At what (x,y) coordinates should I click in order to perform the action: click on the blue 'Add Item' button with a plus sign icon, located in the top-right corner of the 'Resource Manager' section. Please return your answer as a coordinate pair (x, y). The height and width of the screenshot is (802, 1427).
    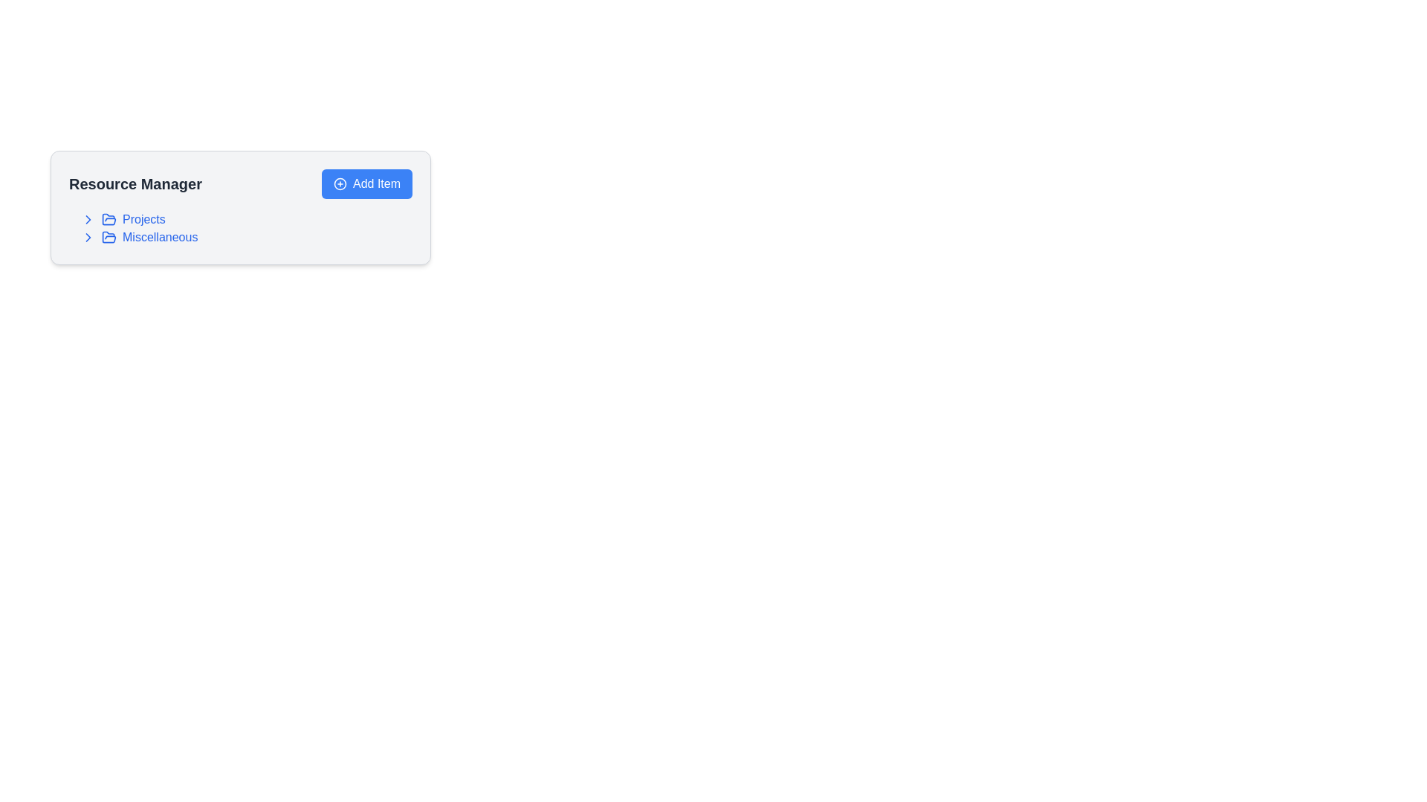
    Looking at the image, I should click on (367, 183).